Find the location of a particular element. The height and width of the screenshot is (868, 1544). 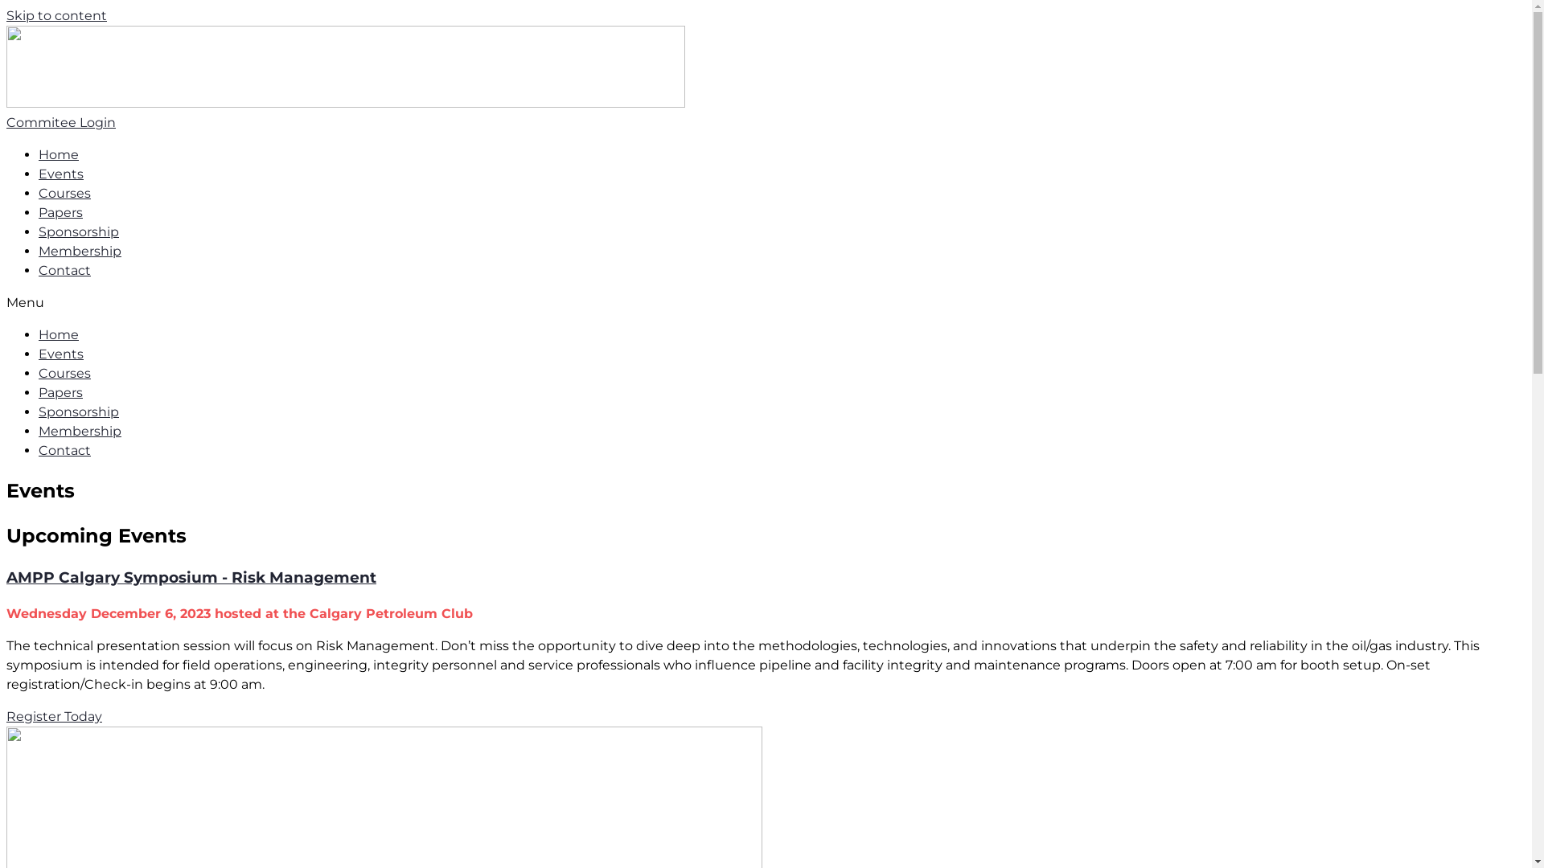

'Membership' is located at coordinates (79, 251).